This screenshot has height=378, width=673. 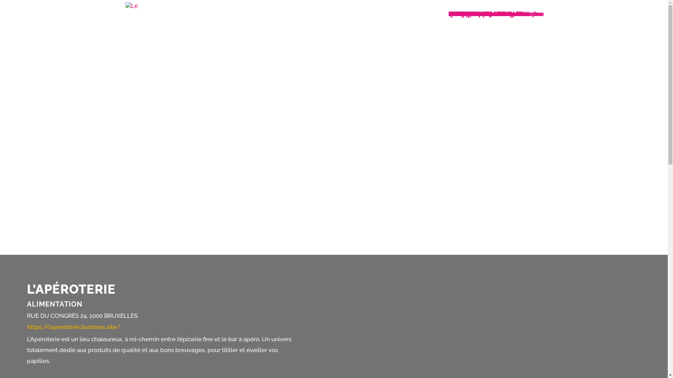 I want to click on 'Stalingrad - Midi - Lemonnier', so click(x=491, y=14).